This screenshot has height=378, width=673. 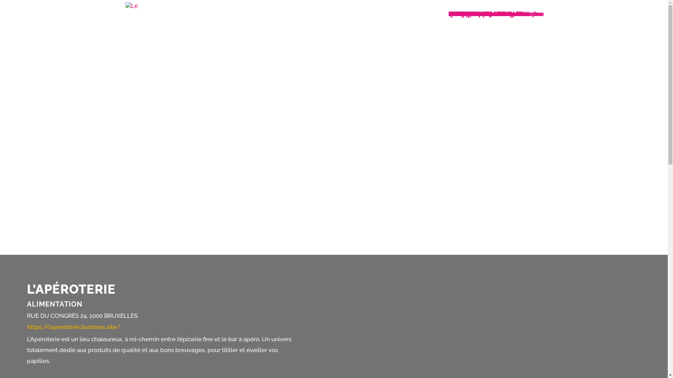 I want to click on 'Stalingrad - Midi - Lemonnier', so click(x=491, y=14).